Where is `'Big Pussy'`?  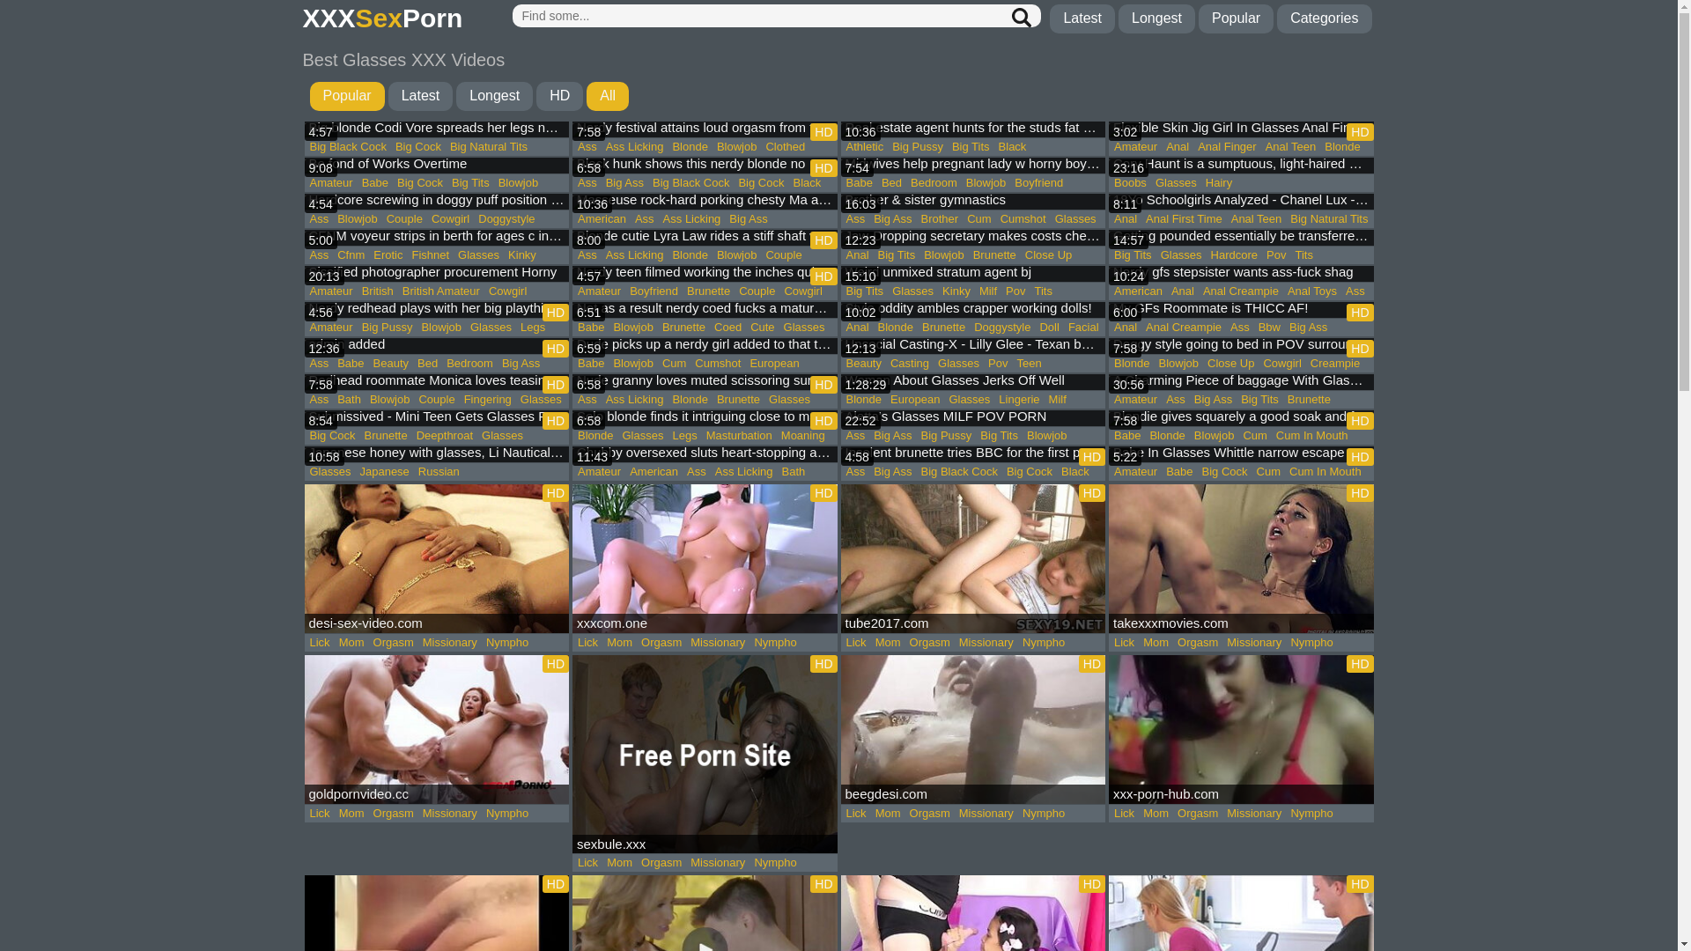
'Big Pussy' is located at coordinates (357, 327).